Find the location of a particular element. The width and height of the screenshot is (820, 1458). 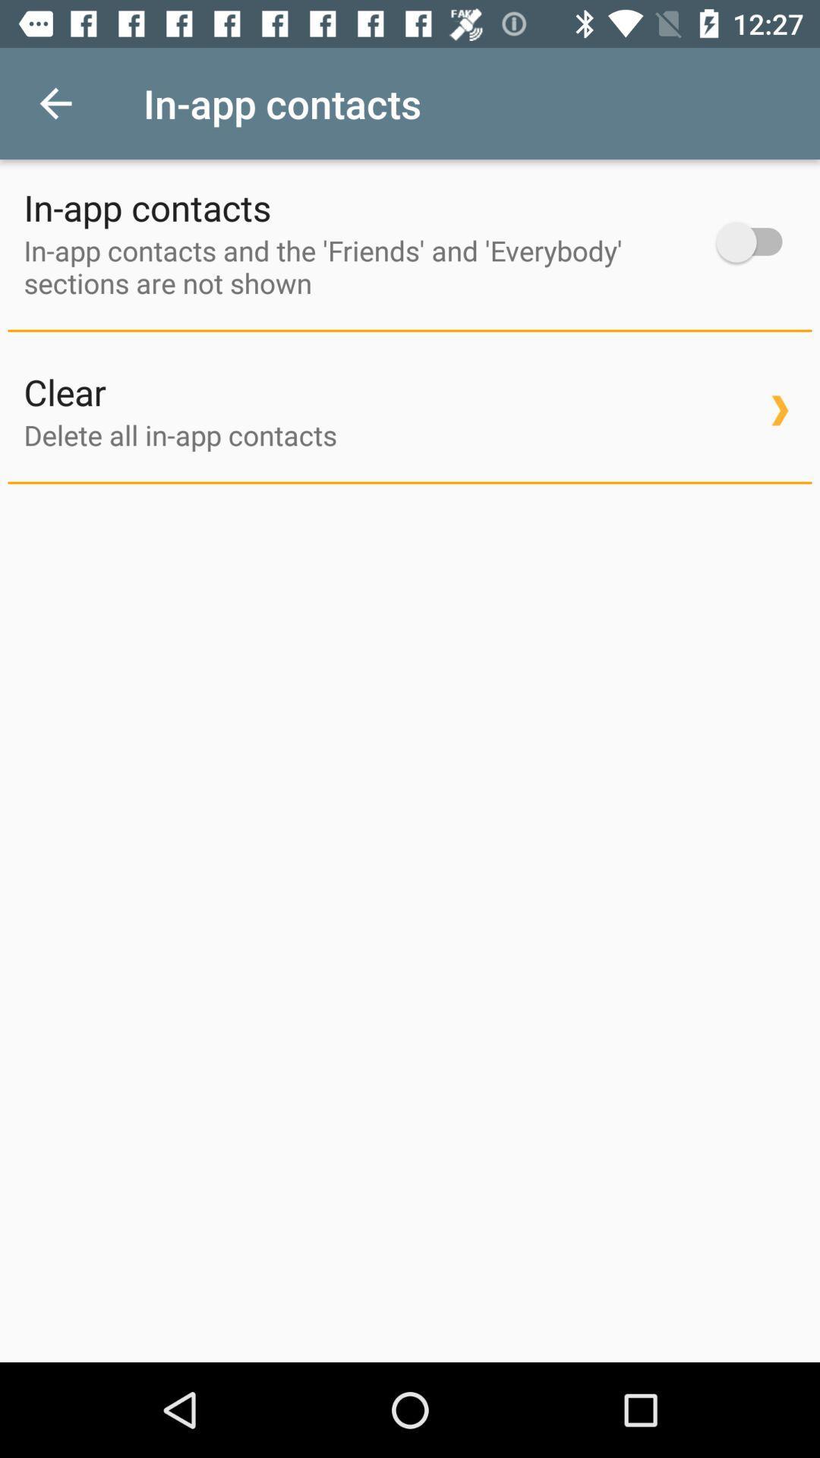

on/off toggle is located at coordinates (756, 241).